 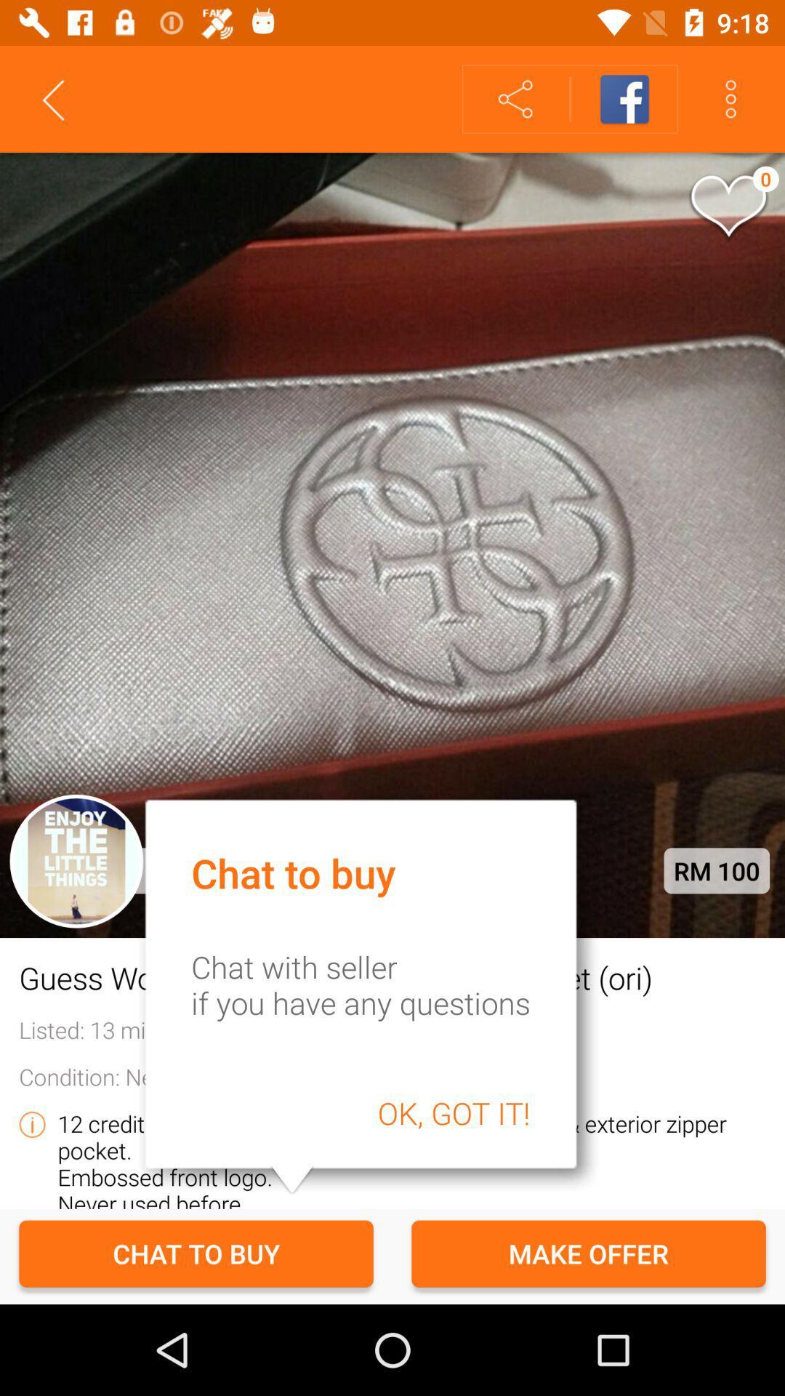 What do you see at coordinates (728, 207) in the screenshot?
I see `the icon which is on the image` at bounding box center [728, 207].